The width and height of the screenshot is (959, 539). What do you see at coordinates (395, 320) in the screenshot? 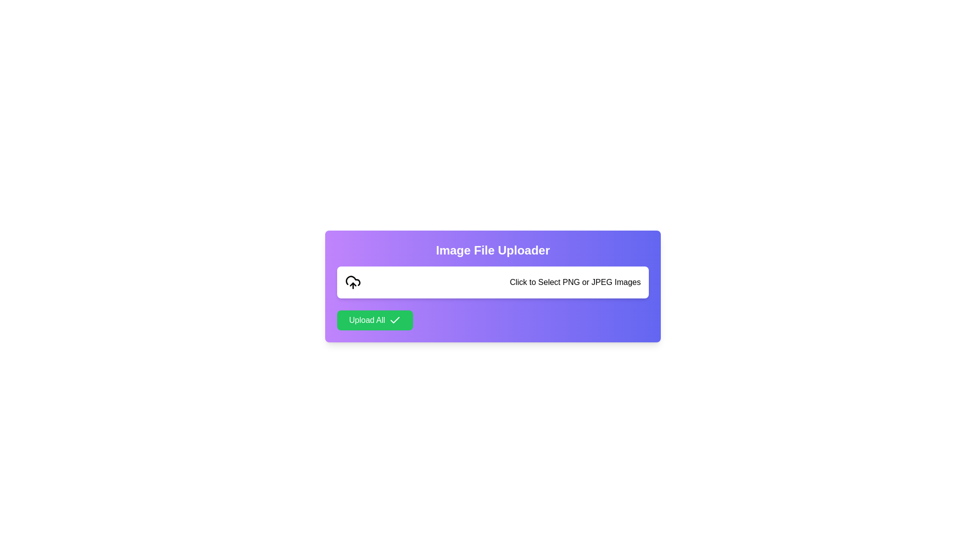
I see `the checkmark icon, which provides visual feedback for the 'Upload All' button, located on the right-hand side of the button label` at bounding box center [395, 320].